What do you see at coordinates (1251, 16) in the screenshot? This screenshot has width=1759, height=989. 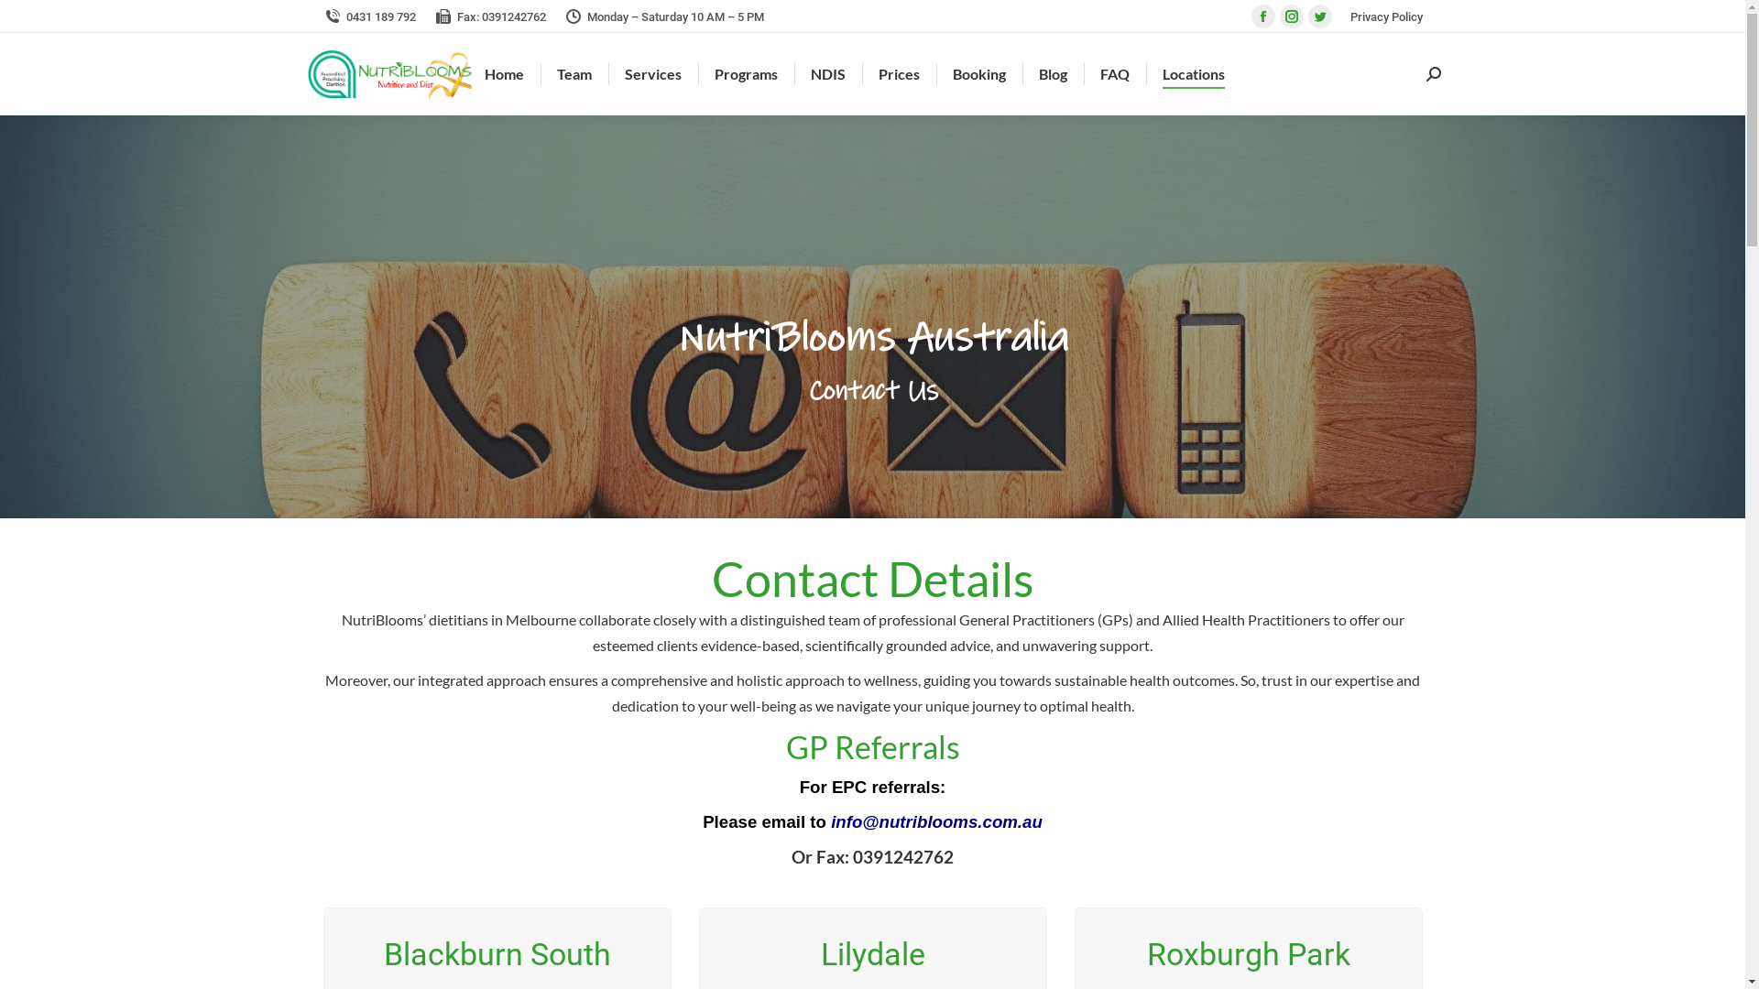 I see `'Facebook page opens in new window'` at bounding box center [1251, 16].